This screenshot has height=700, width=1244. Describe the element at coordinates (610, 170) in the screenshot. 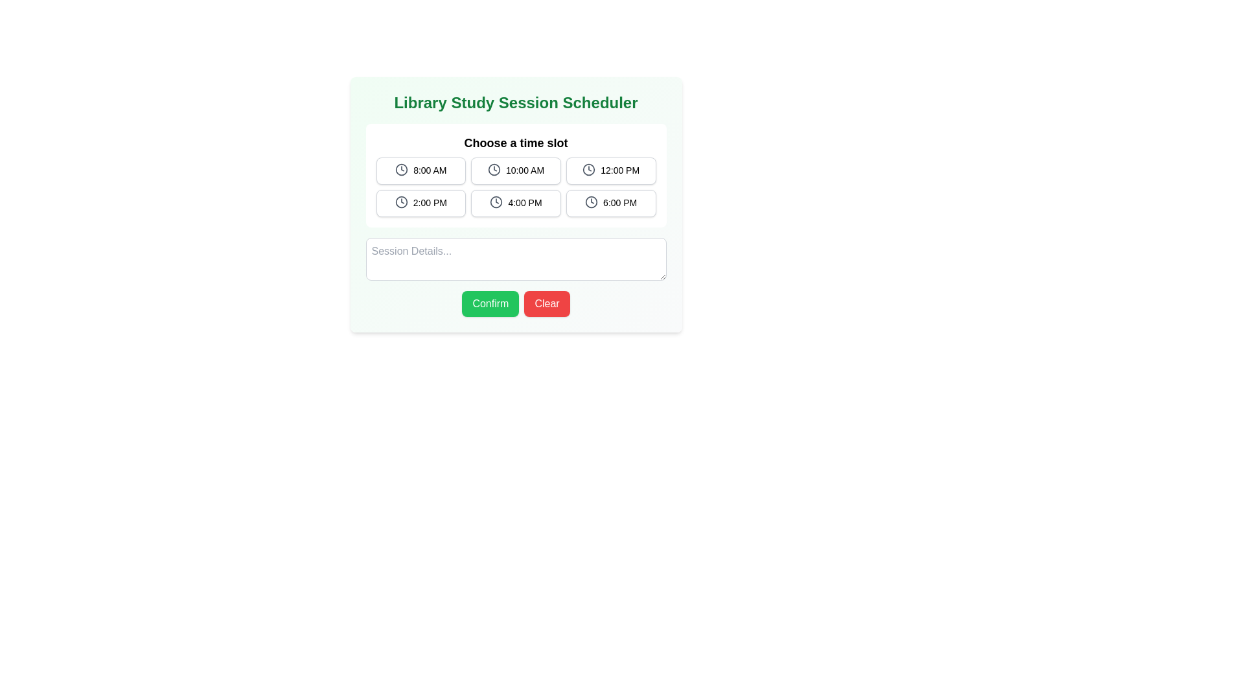

I see `the '12:00 PM' time slot button` at that location.